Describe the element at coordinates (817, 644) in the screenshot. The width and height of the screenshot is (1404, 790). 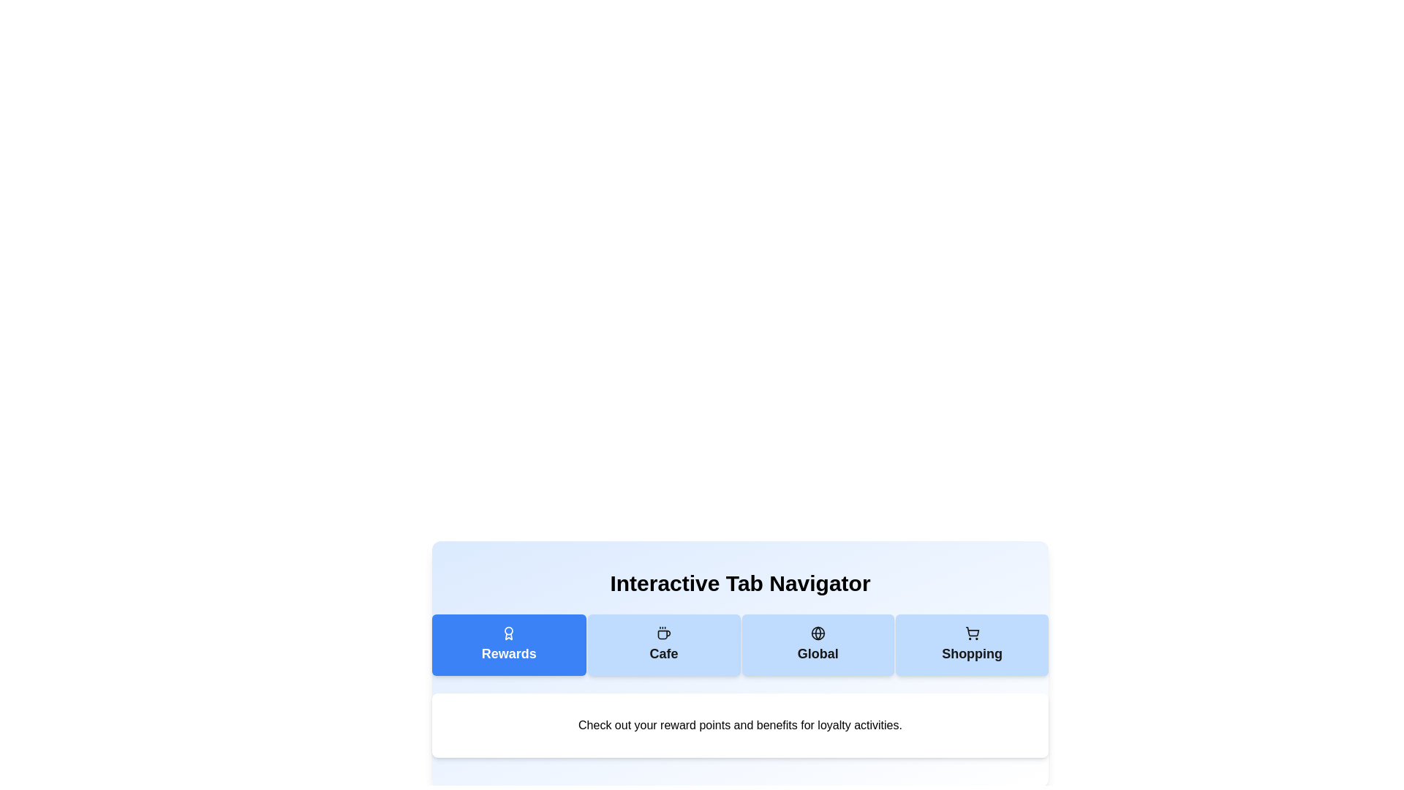
I see `the tab labeled Global` at that location.